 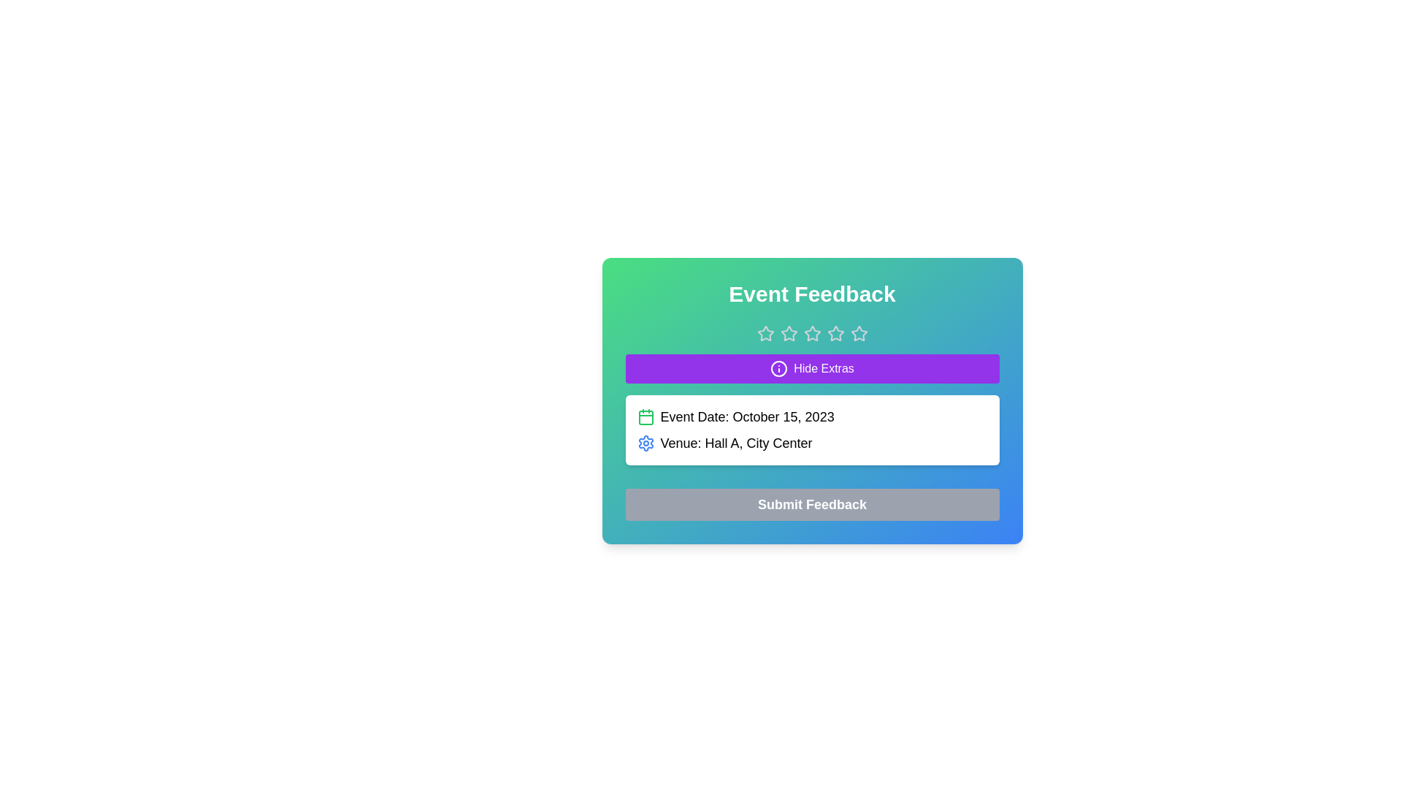 What do you see at coordinates (835, 333) in the screenshot?
I see `the star corresponding to the desired rating 4` at bounding box center [835, 333].